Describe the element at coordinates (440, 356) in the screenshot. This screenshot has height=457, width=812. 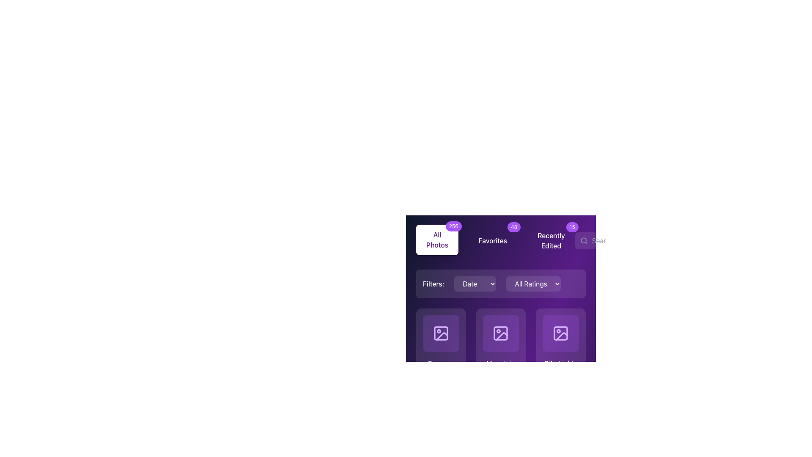
I see `the visual card or button representing a specific category or item in the first row and first column of the grid layout, located below the 'Filters' section` at that location.